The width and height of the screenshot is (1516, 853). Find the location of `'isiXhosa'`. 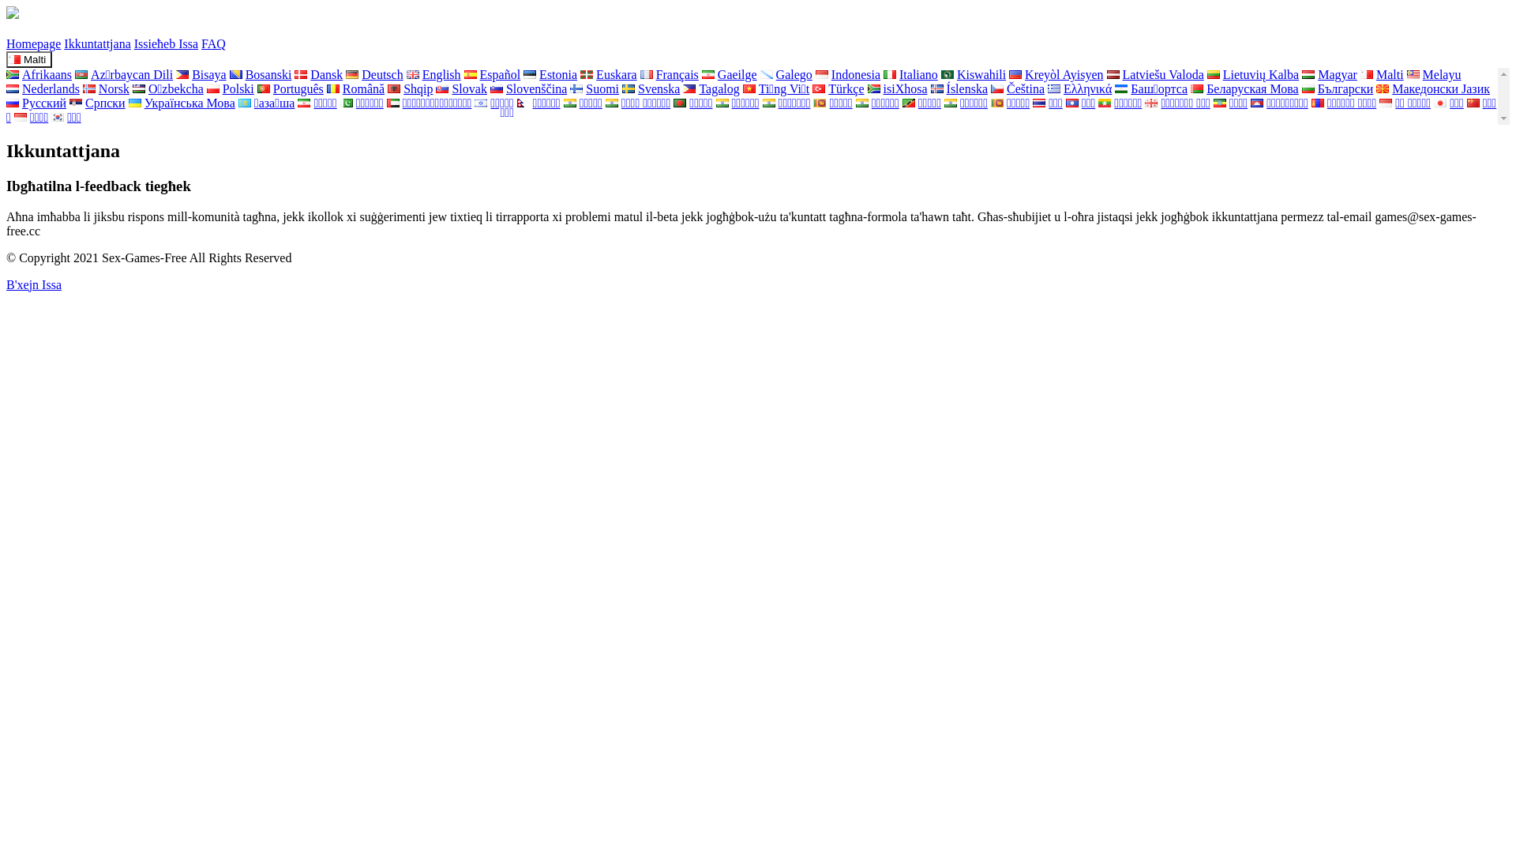

'isiXhosa' is located at coordinates (898, 88).